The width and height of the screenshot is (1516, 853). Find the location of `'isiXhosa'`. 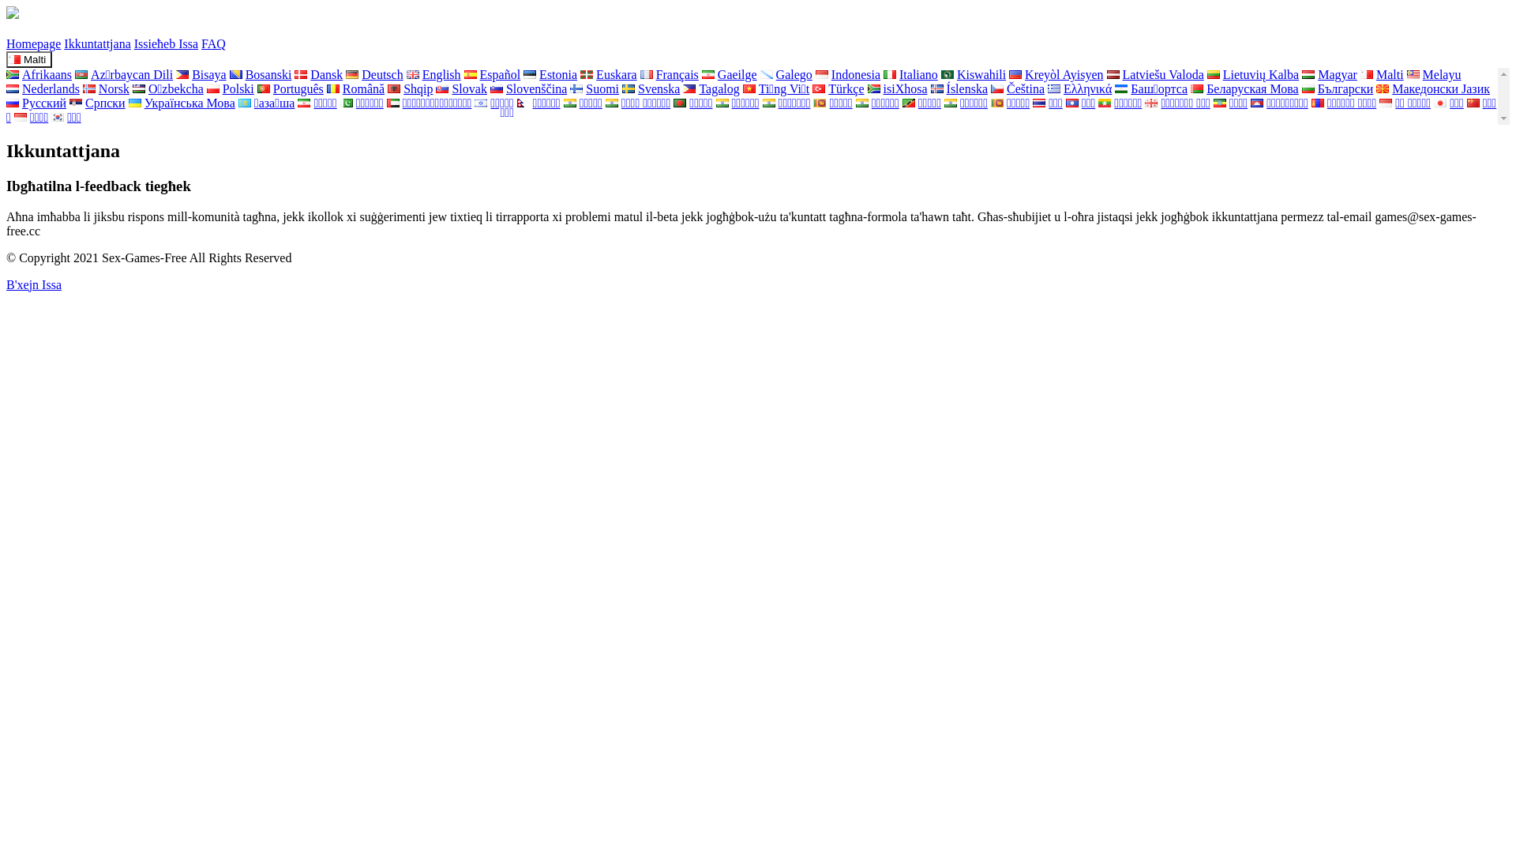

'isiXhosa' is located at coordinates (898, 88).